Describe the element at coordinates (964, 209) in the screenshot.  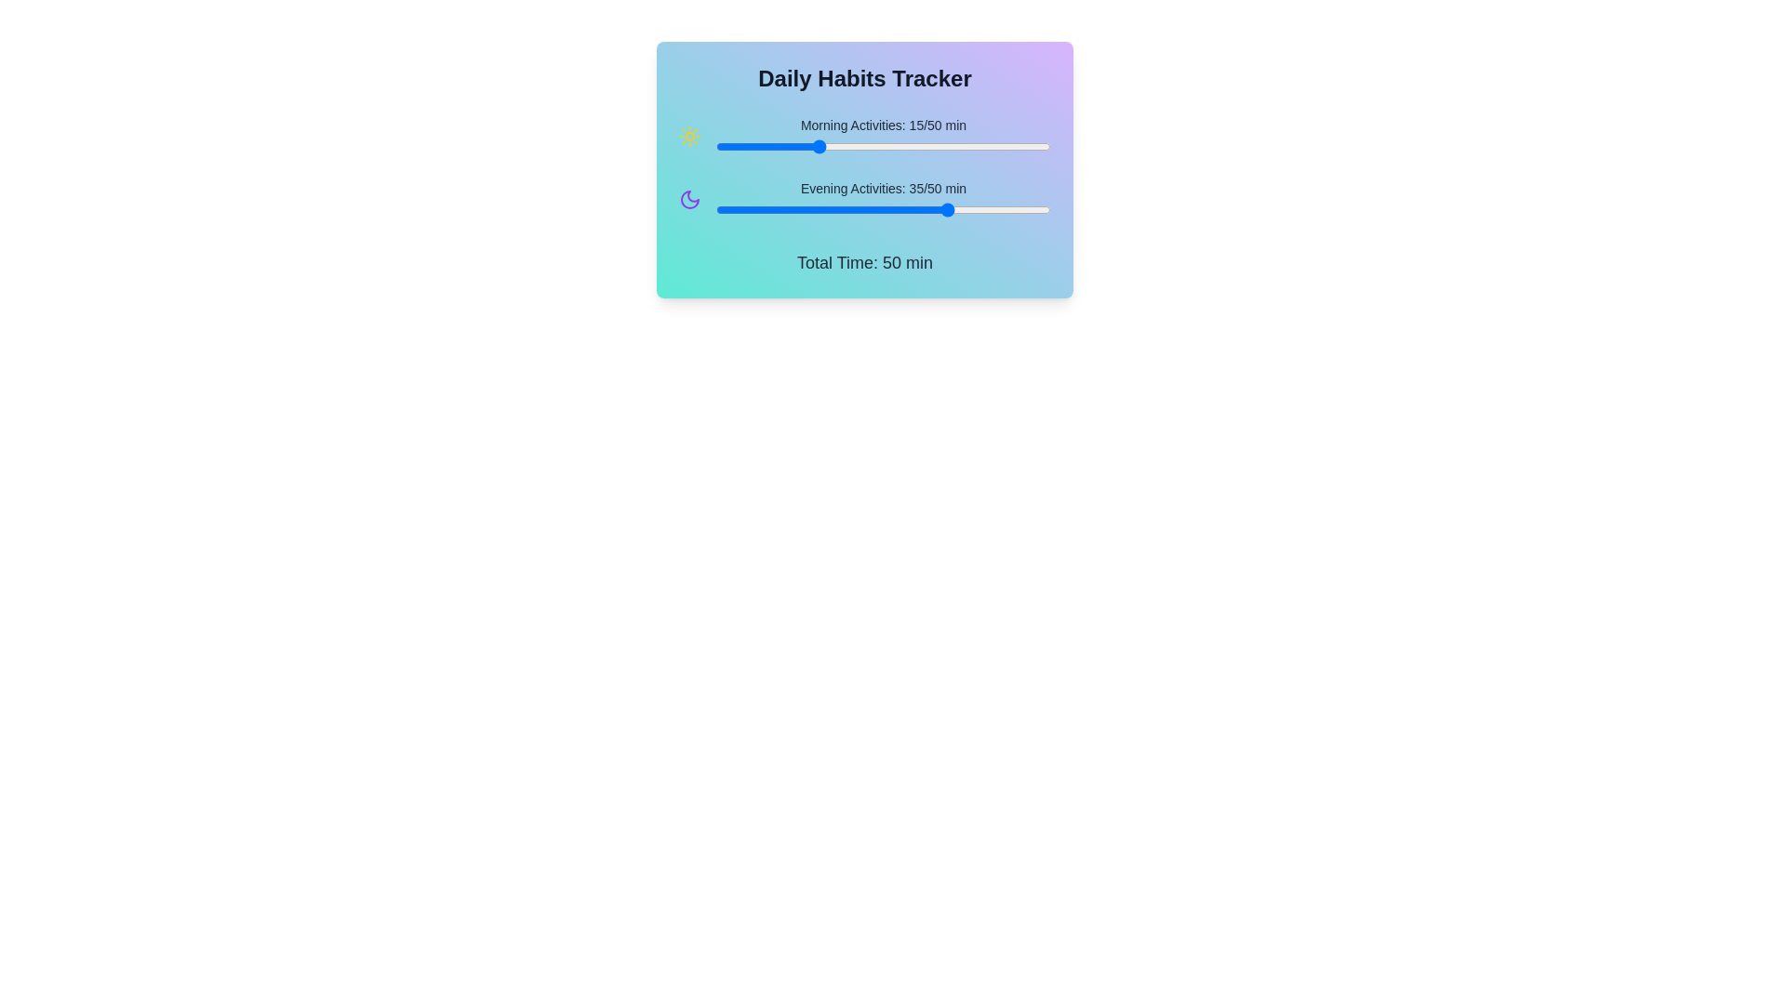
I see `evening activity time` at that location.